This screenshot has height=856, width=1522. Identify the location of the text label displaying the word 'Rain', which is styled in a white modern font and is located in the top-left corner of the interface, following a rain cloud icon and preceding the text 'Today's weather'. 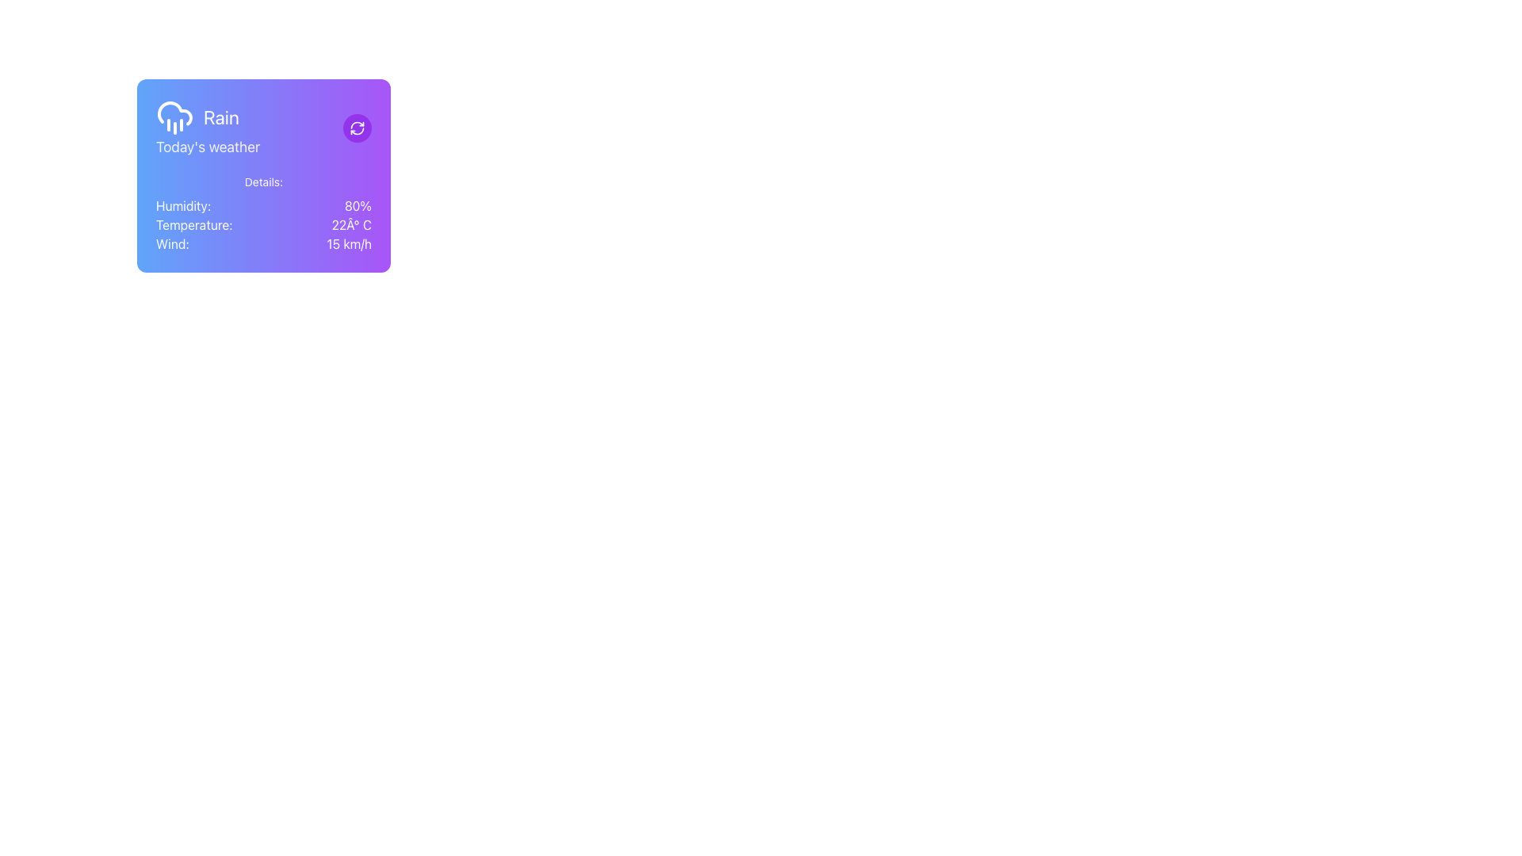
(207, 116).